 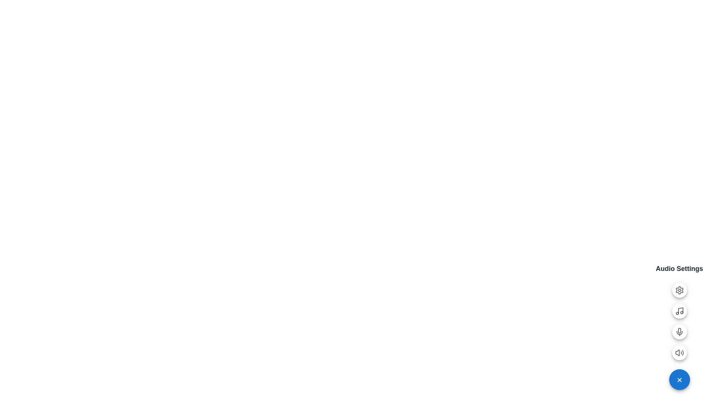 What do you see at coordinates (679, 331) in the screenshot?
I see `the microphone icon button in the 'Audio Settings' floating action menu` at bounding box center [679, 331].